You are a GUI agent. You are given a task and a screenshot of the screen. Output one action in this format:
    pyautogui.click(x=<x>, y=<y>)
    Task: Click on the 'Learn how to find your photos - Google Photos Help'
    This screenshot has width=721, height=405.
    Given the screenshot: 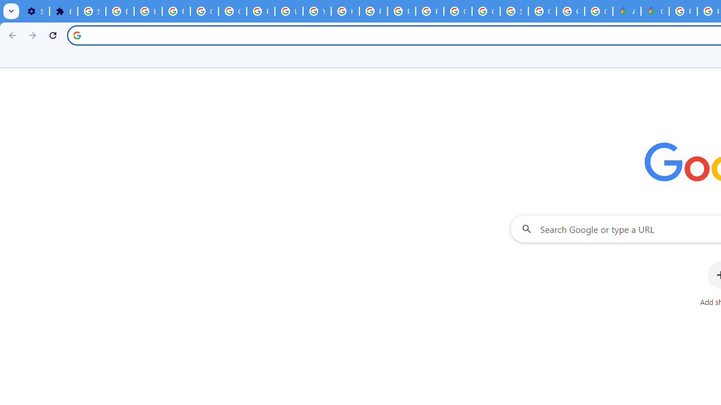 What is the action you would take?
    pyautogui.click(x=148, y=11)
    